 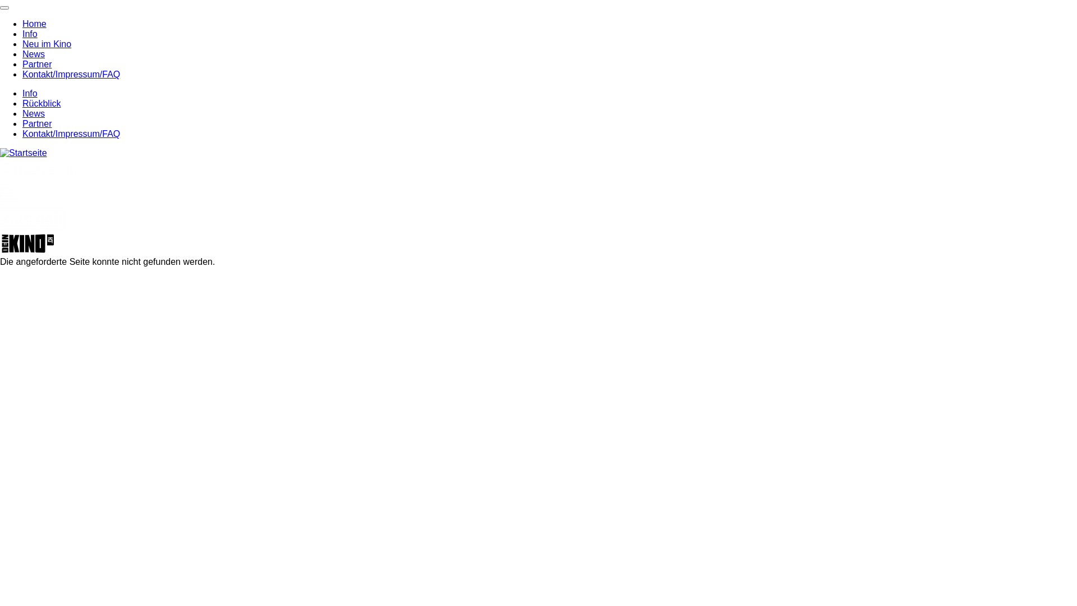 I want to click on 'Startseite', so click(x=24, y=153).